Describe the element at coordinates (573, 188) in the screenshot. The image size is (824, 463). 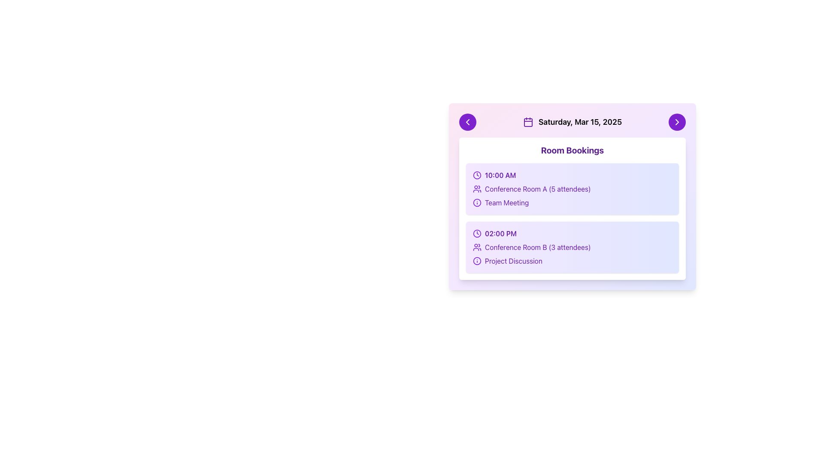
I see `the first meeting schedule entry in the room bookings list, which displays the meeting time, room allocation, number of attendees, and purpose, styled with a gradient background and rounded corners` at that location.